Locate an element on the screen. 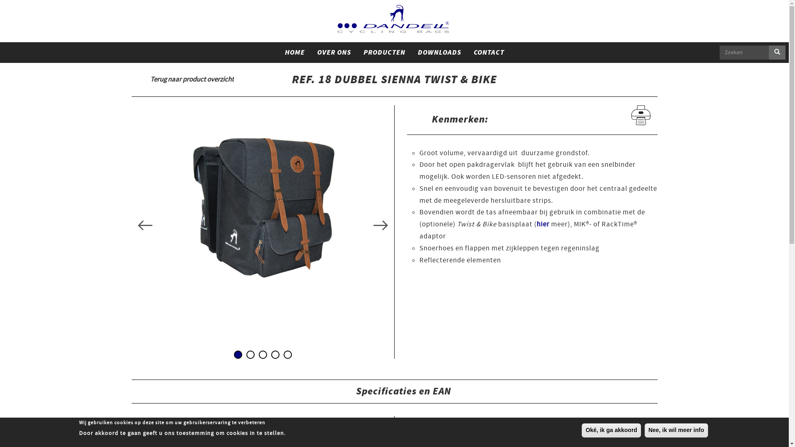  'PRODUCTEN' is located at coordinates (357, 53).